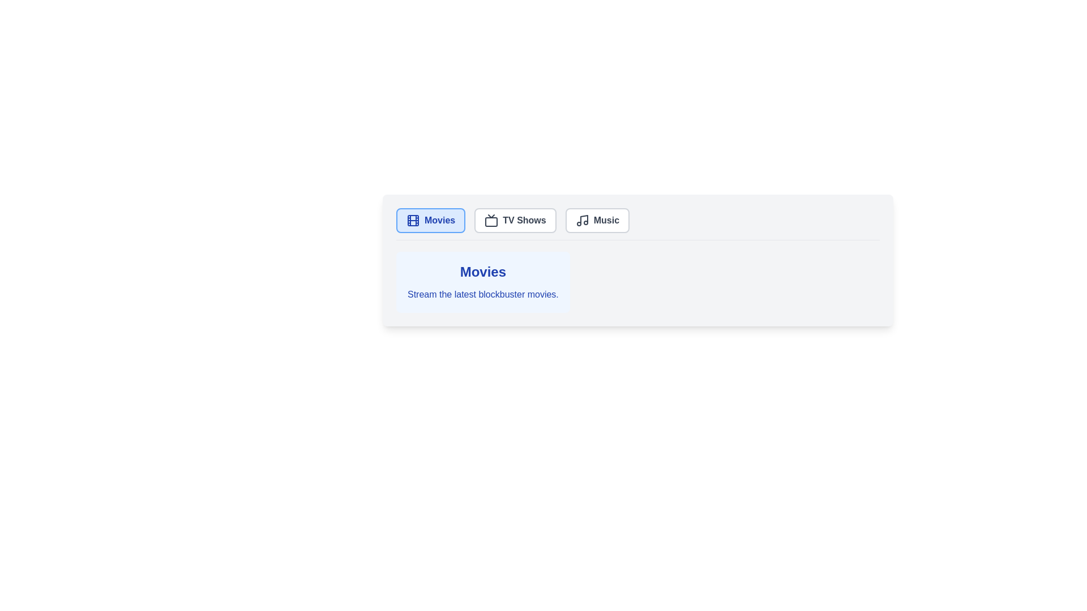 The image size is (1087, 611). I want to click on the 'TV Shows' icon, which is the second button in a series of three, located between the 'Movies' button and the 'Music' button, so click(491, 220).